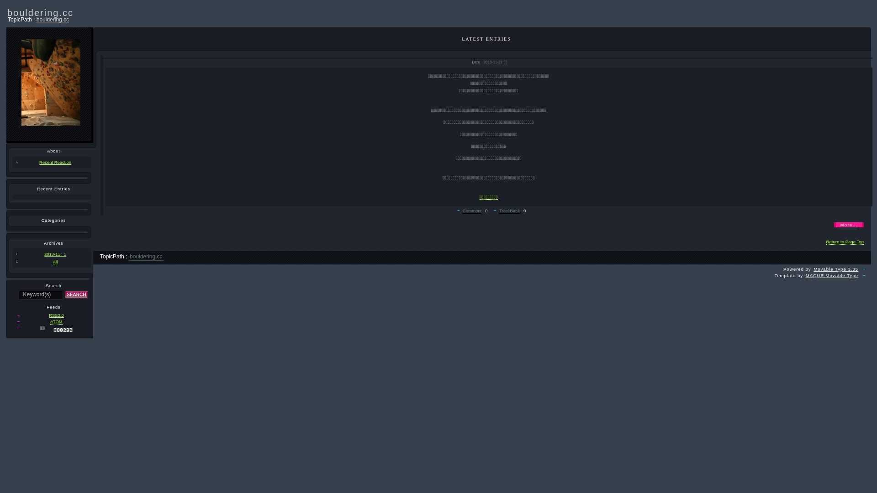 Image resolution: width=877 pixels, height=493 pixels. What do you see at coordinates (844, 241) in the screenshot?
I see `'Return to Page Top'` at bounding box center [844, 241].